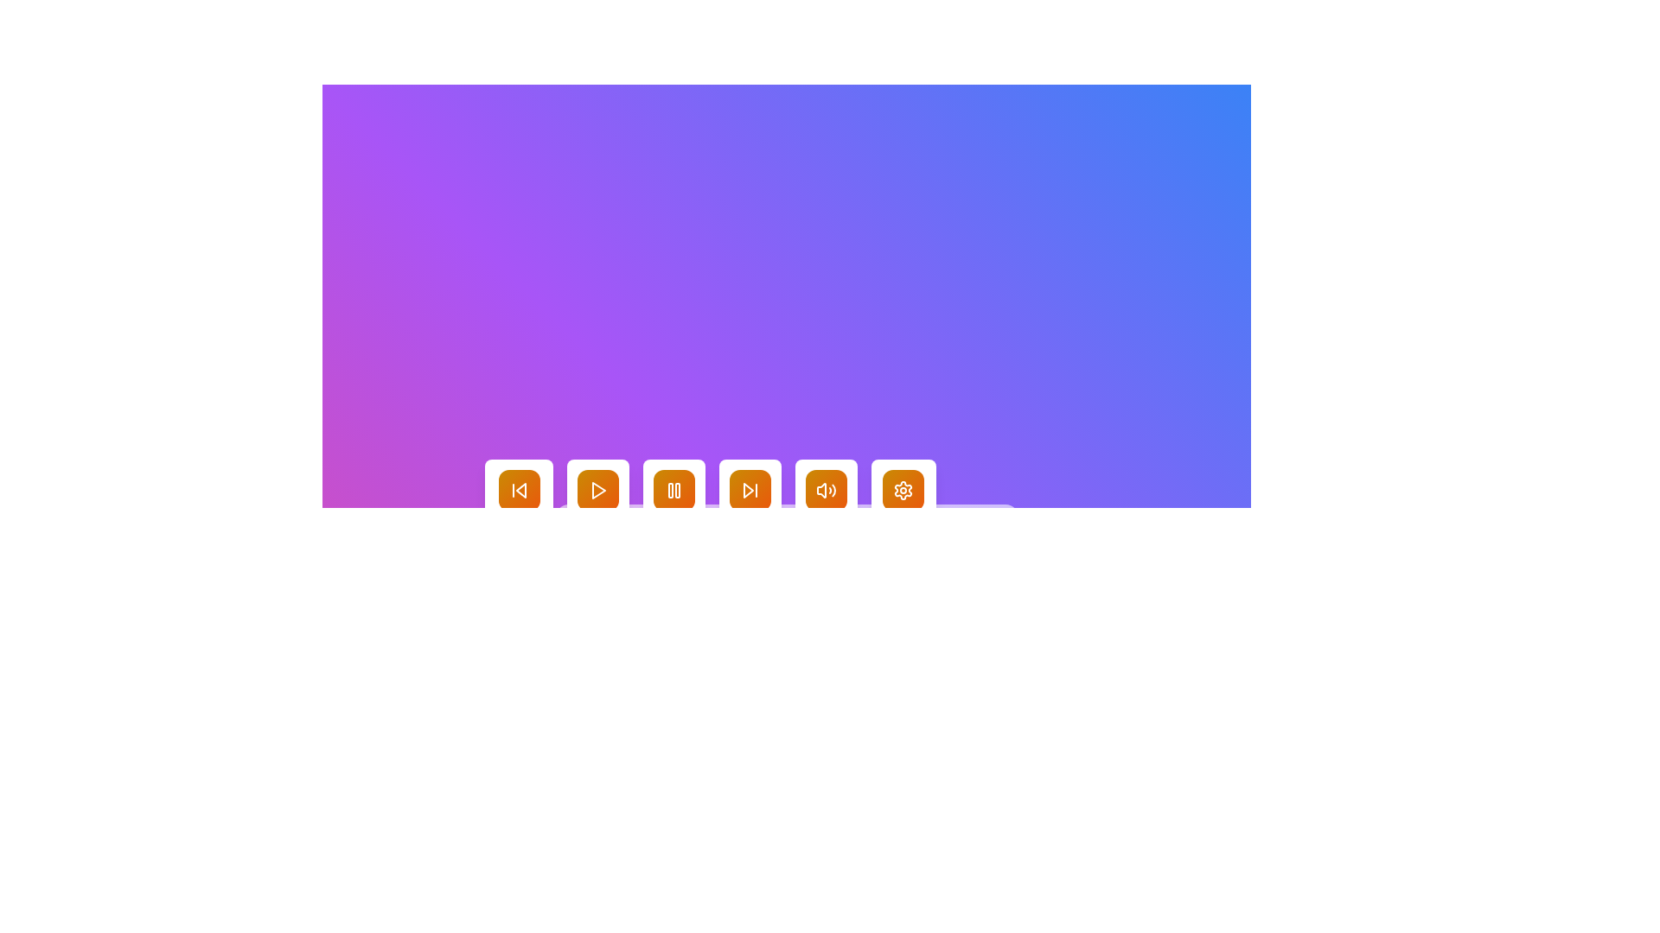 Image resolution: width=1660 pixels, height=933 pixels. I want to click on the orange triangular play button in the media player controls, so click(598, 490).